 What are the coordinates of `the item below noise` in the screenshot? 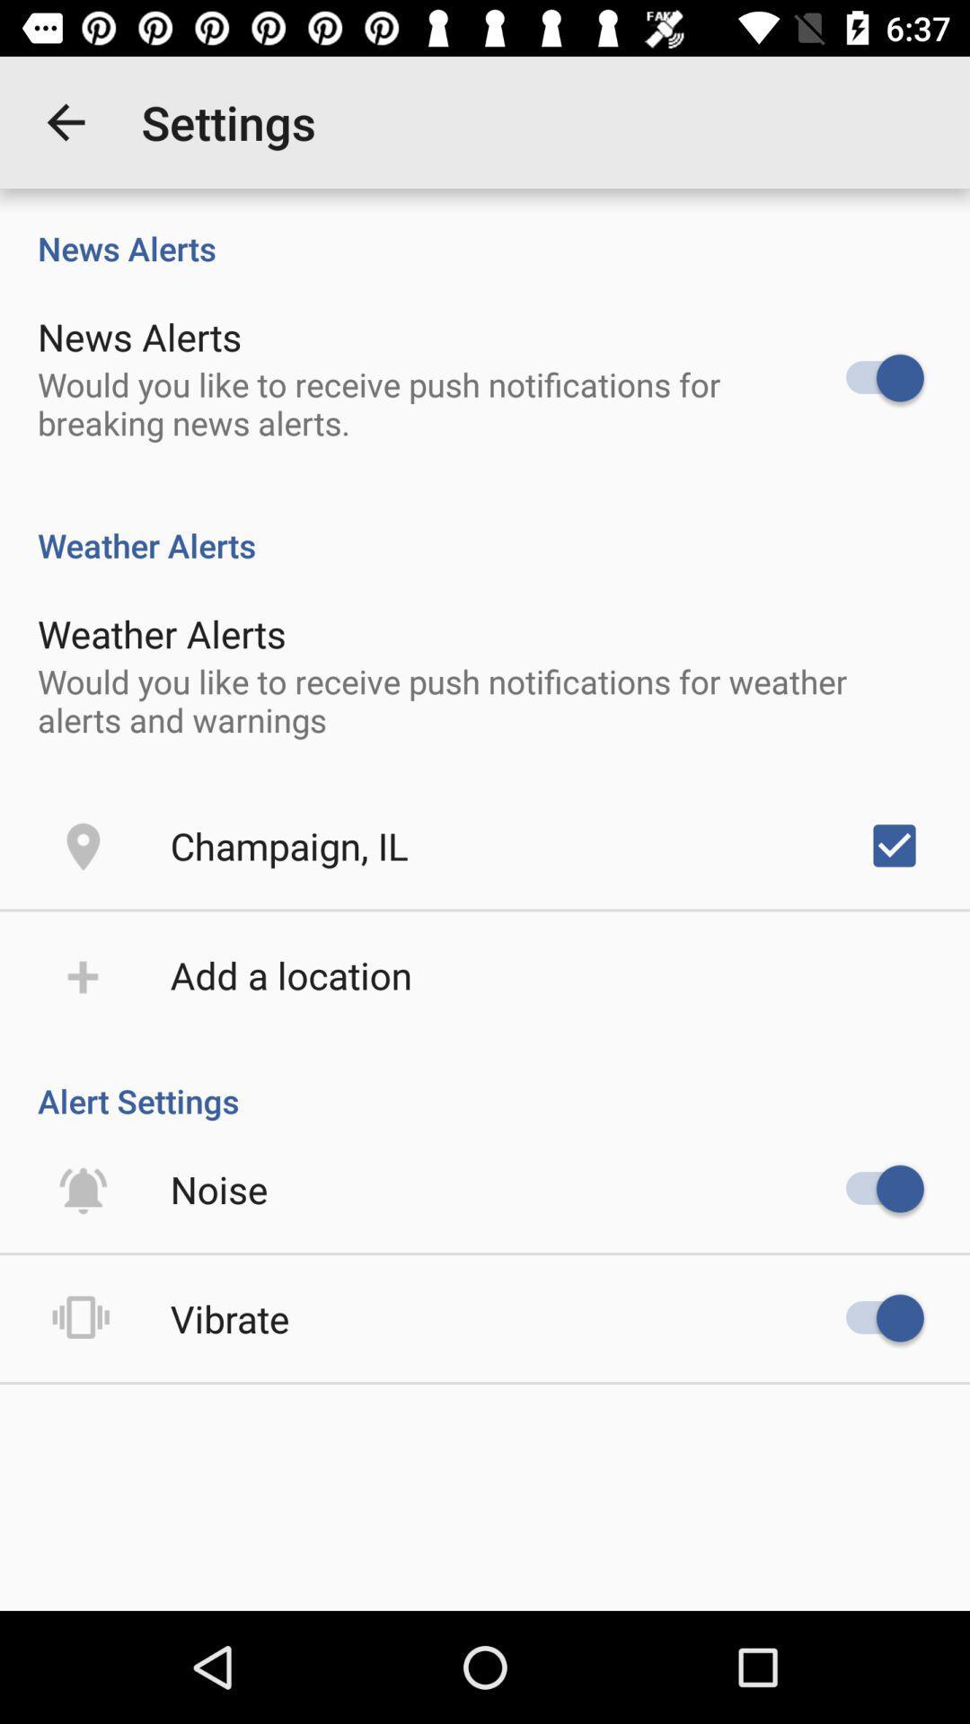 It's located at (229, 1318).